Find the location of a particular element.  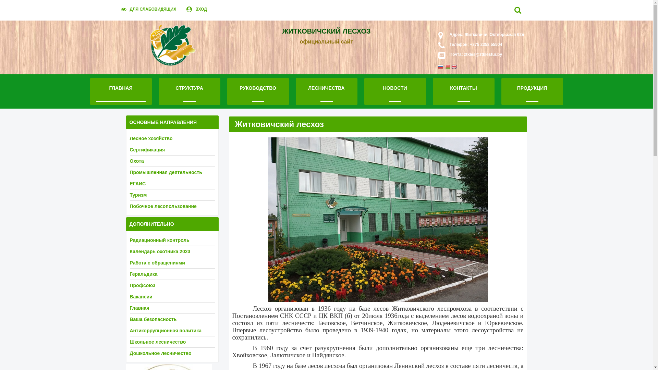

'+375 2353 55504' is located at coordinates (468, 45).